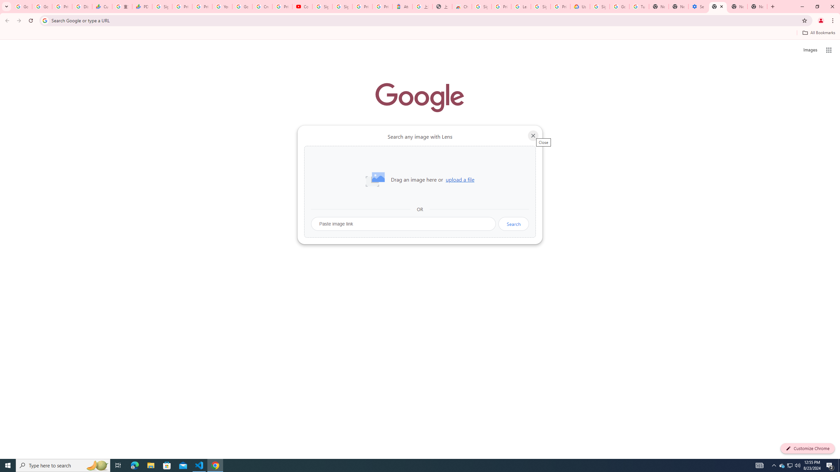 This screenshot has width=840, height=472. I want to click on 'Turn cookies on or off - Computer - Google Account Help', so click(639, 6).